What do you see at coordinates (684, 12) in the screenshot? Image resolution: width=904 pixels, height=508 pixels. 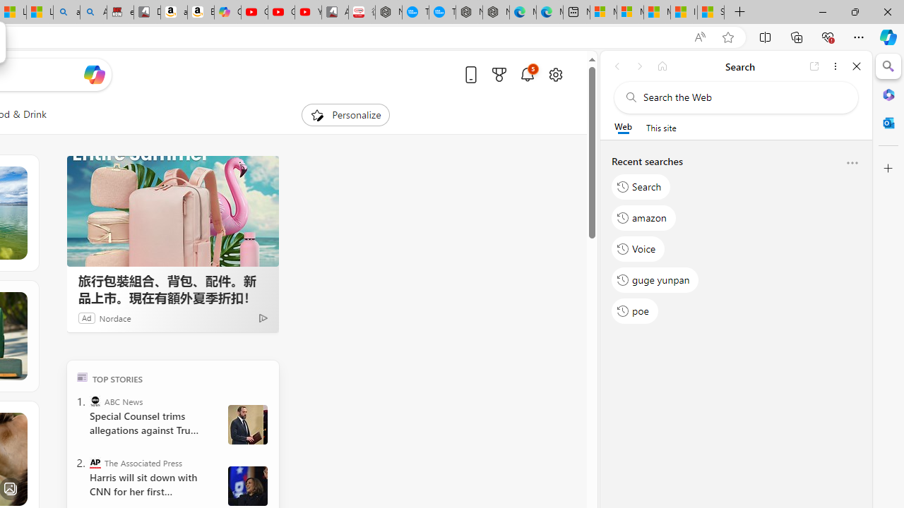 I see `'I Gained 20 Pounds of Muscle in 30 Days! | Watch'` at bounding box center [684, 12].